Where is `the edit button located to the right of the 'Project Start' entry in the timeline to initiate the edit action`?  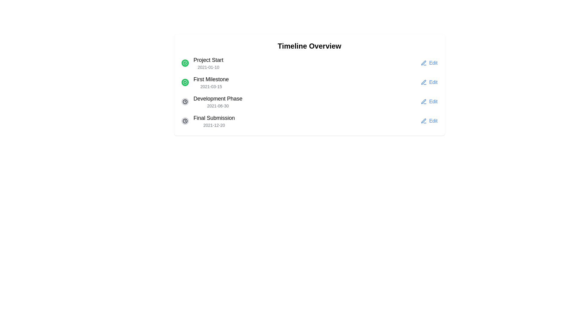
the edit button located to the right of the 'Project Start' entry in the timeline to initiate the edit action is located at coordinates (429, 63).